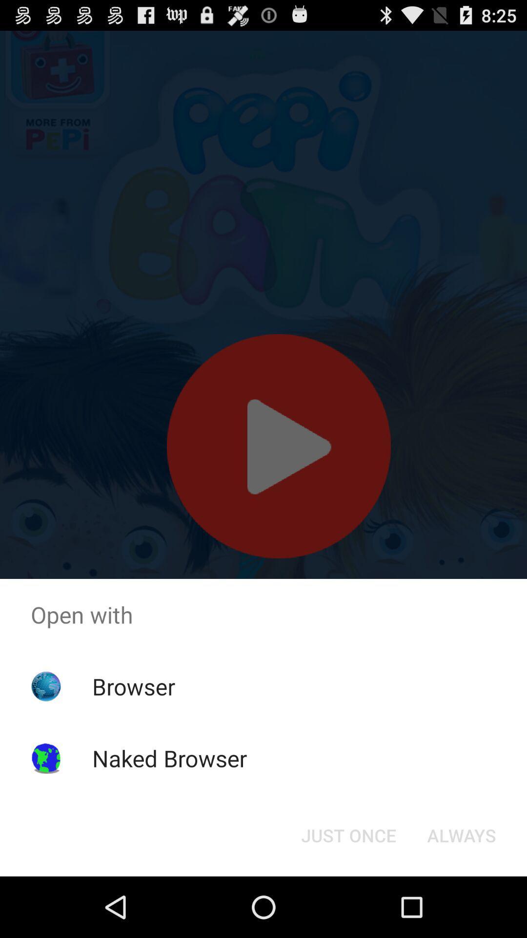  What do you see at coordinates (461, 834) in the screenshot?
I see `the always button` at bounding box center [461, 834].